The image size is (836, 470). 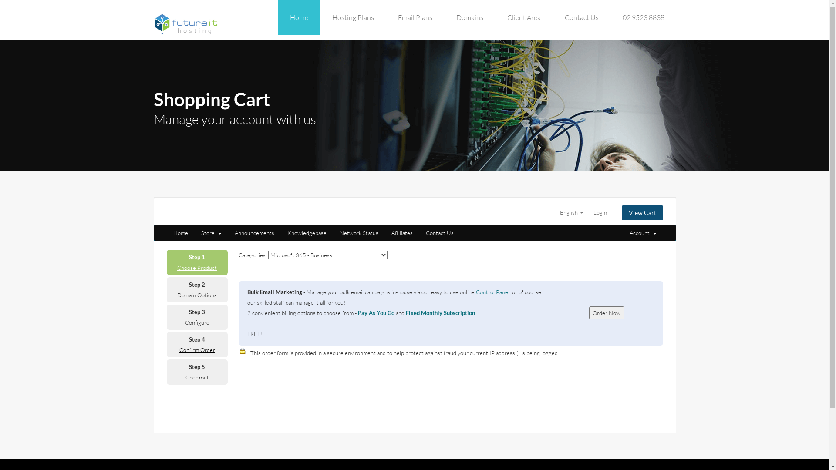 I want to click on 'Pay As You Go', so click(x=376, y=312).